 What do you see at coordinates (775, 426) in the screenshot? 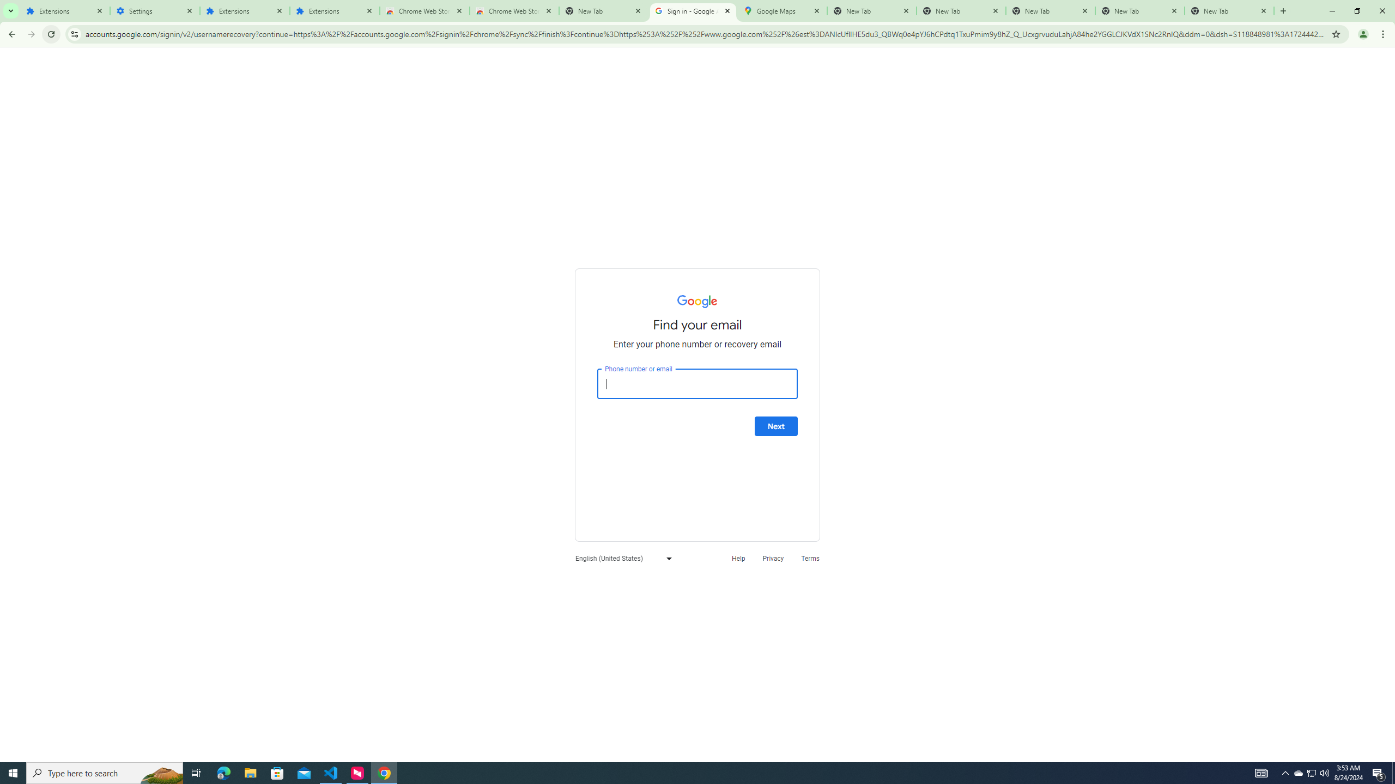
I see `'Next'` at bounding box center [775, 426].